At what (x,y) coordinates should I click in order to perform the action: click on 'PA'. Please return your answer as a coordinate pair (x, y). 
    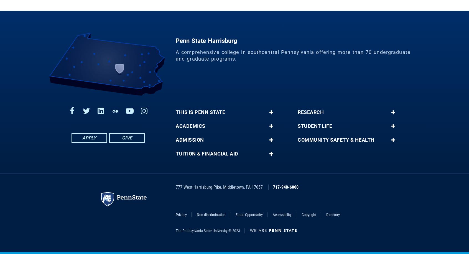
    Looking at the image, I should click on (248, 191).